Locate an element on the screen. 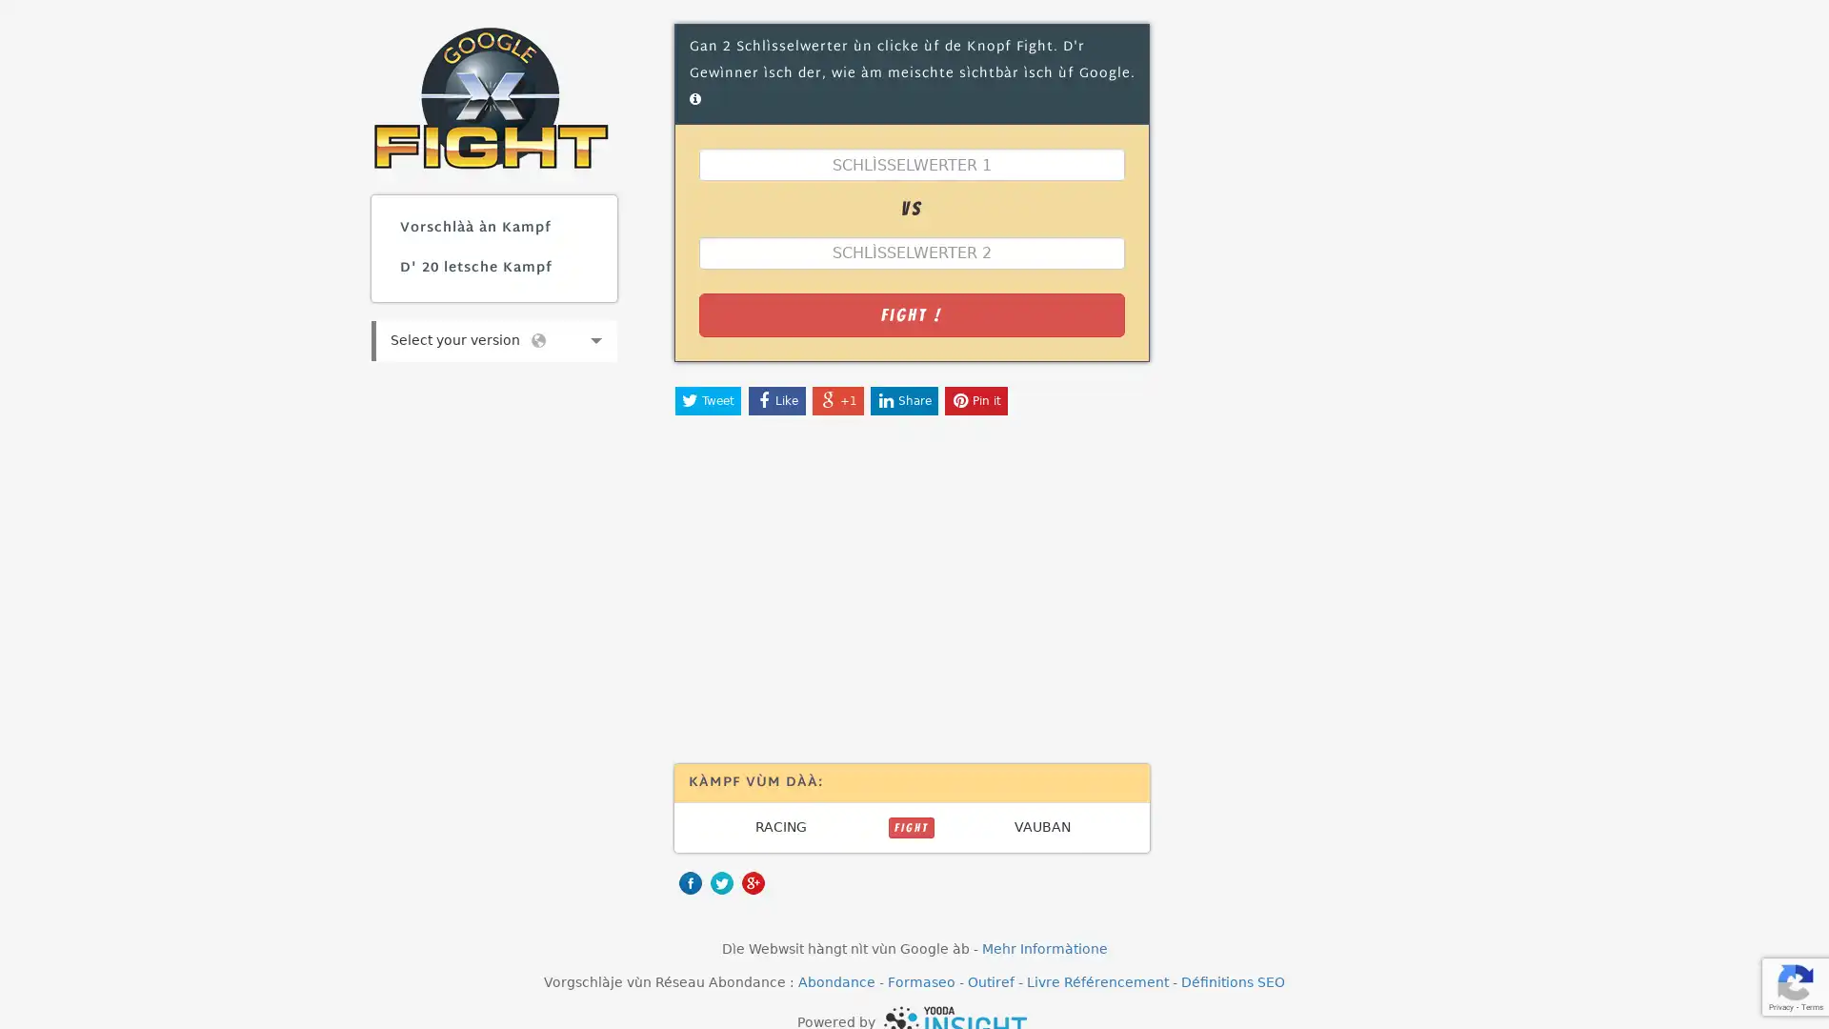 This screenshot has height=1029, width=1829. FIGHT is located at coordinates (910, 825).